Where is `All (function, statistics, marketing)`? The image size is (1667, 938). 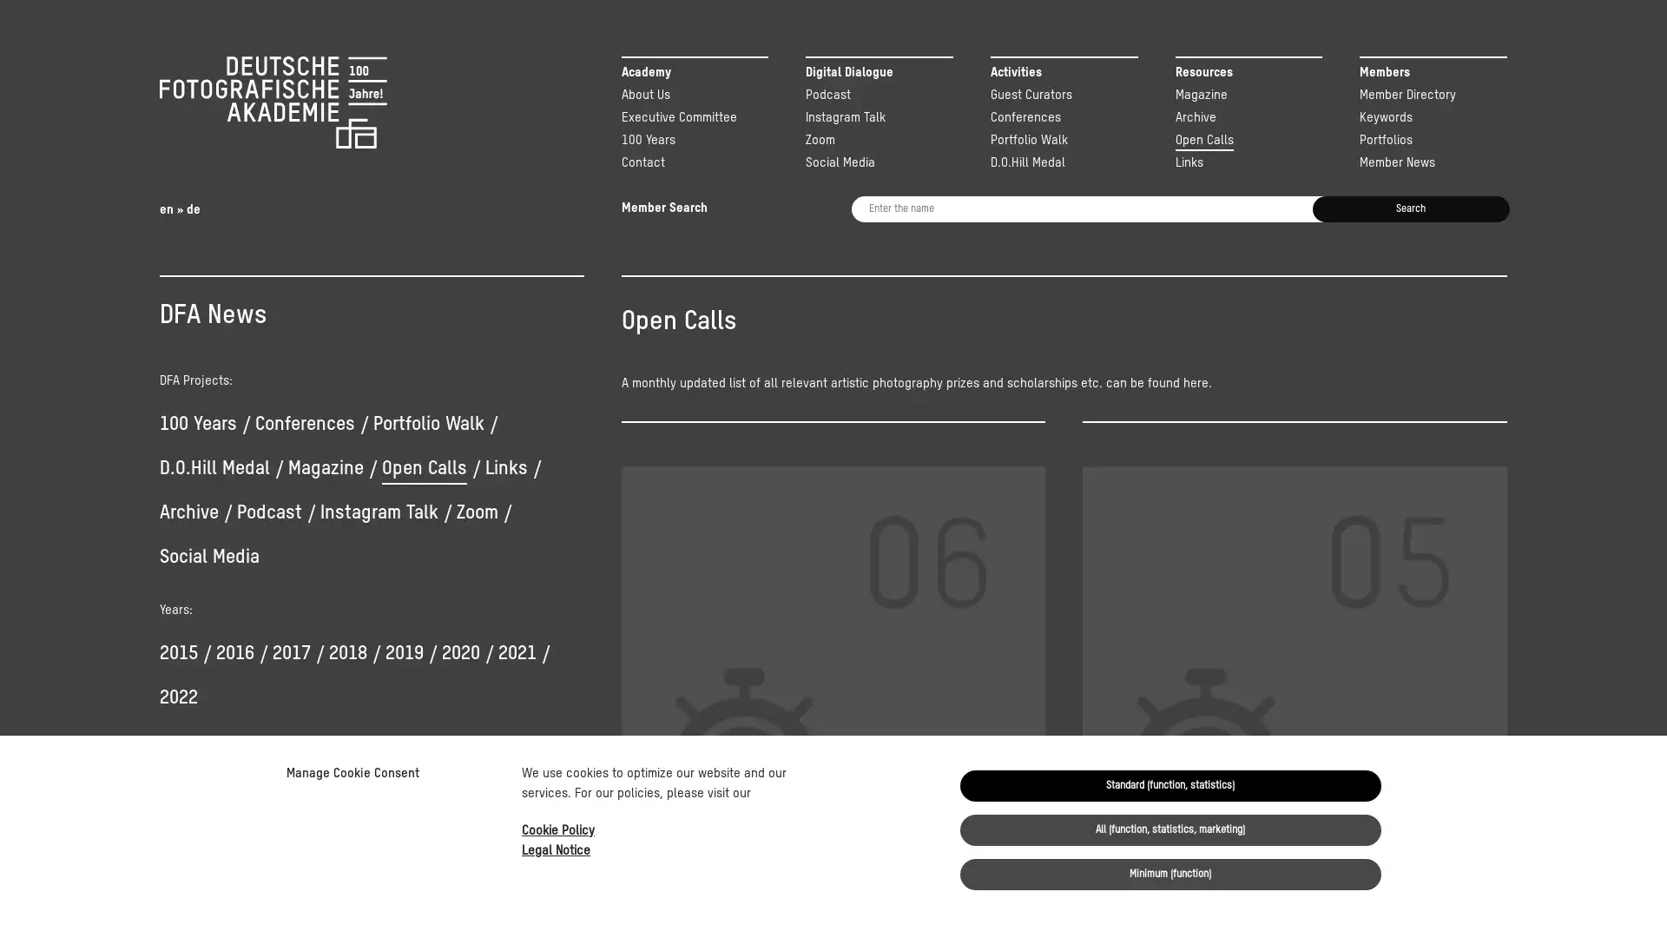 All (function, statistics, marketing) is located at coordinates (1170, 829).